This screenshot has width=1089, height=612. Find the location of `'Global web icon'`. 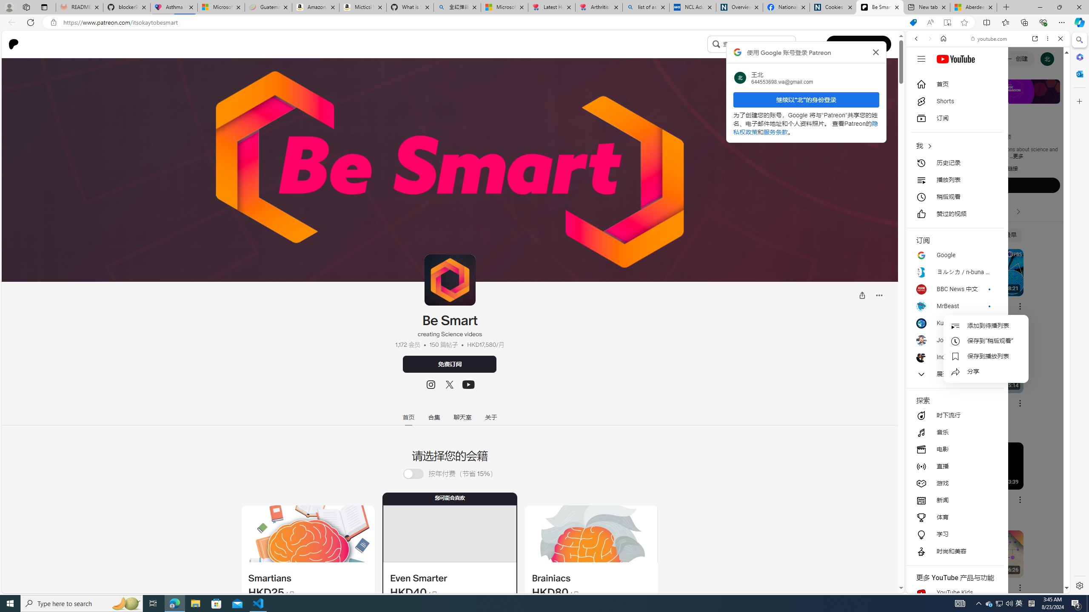

'Global web icon' is located at coordinates (922, 490).